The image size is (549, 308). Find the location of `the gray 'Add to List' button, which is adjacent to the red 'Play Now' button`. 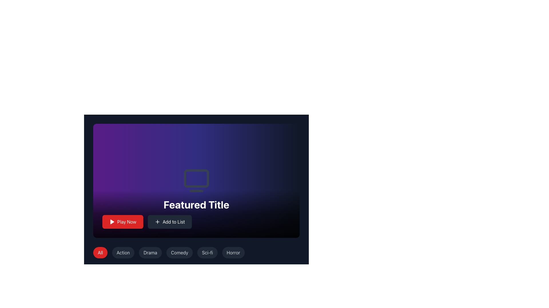

the gray 'Add to List' button, which is adjacent to the red 'Play Now' button is located at coordinates (196, 222).